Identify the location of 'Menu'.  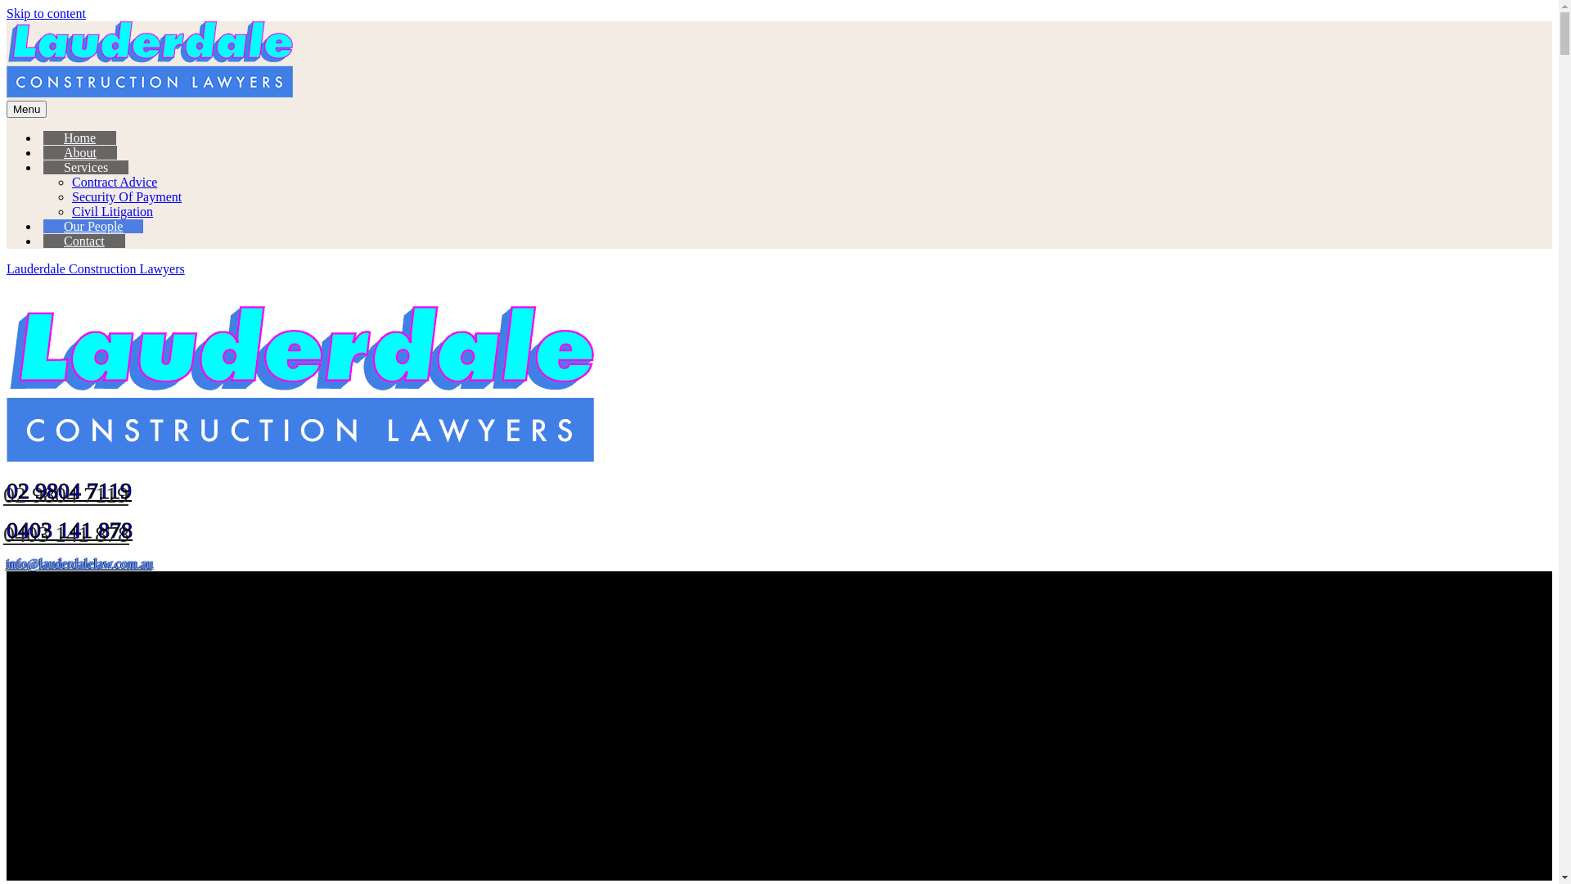
(7, 109).